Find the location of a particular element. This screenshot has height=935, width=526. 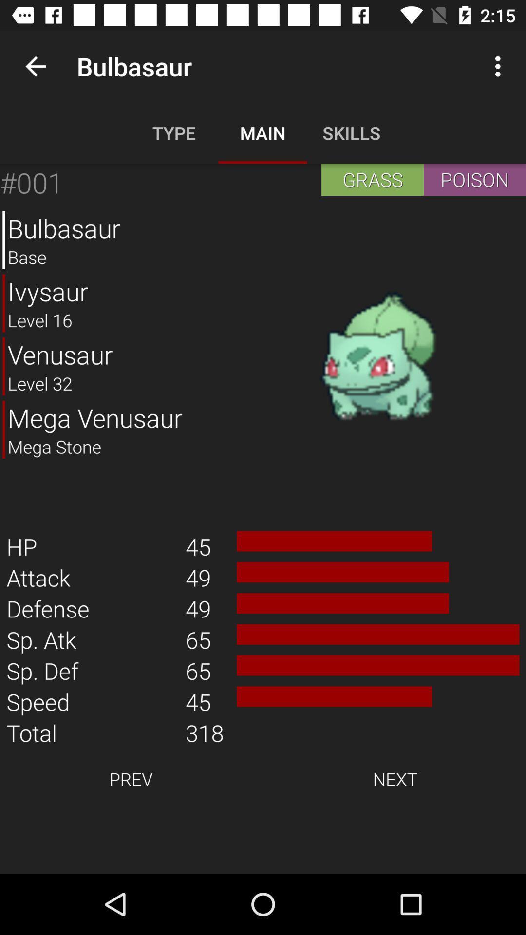

the icon next to the bulbasaur icon is located at coordinates (35, 66).